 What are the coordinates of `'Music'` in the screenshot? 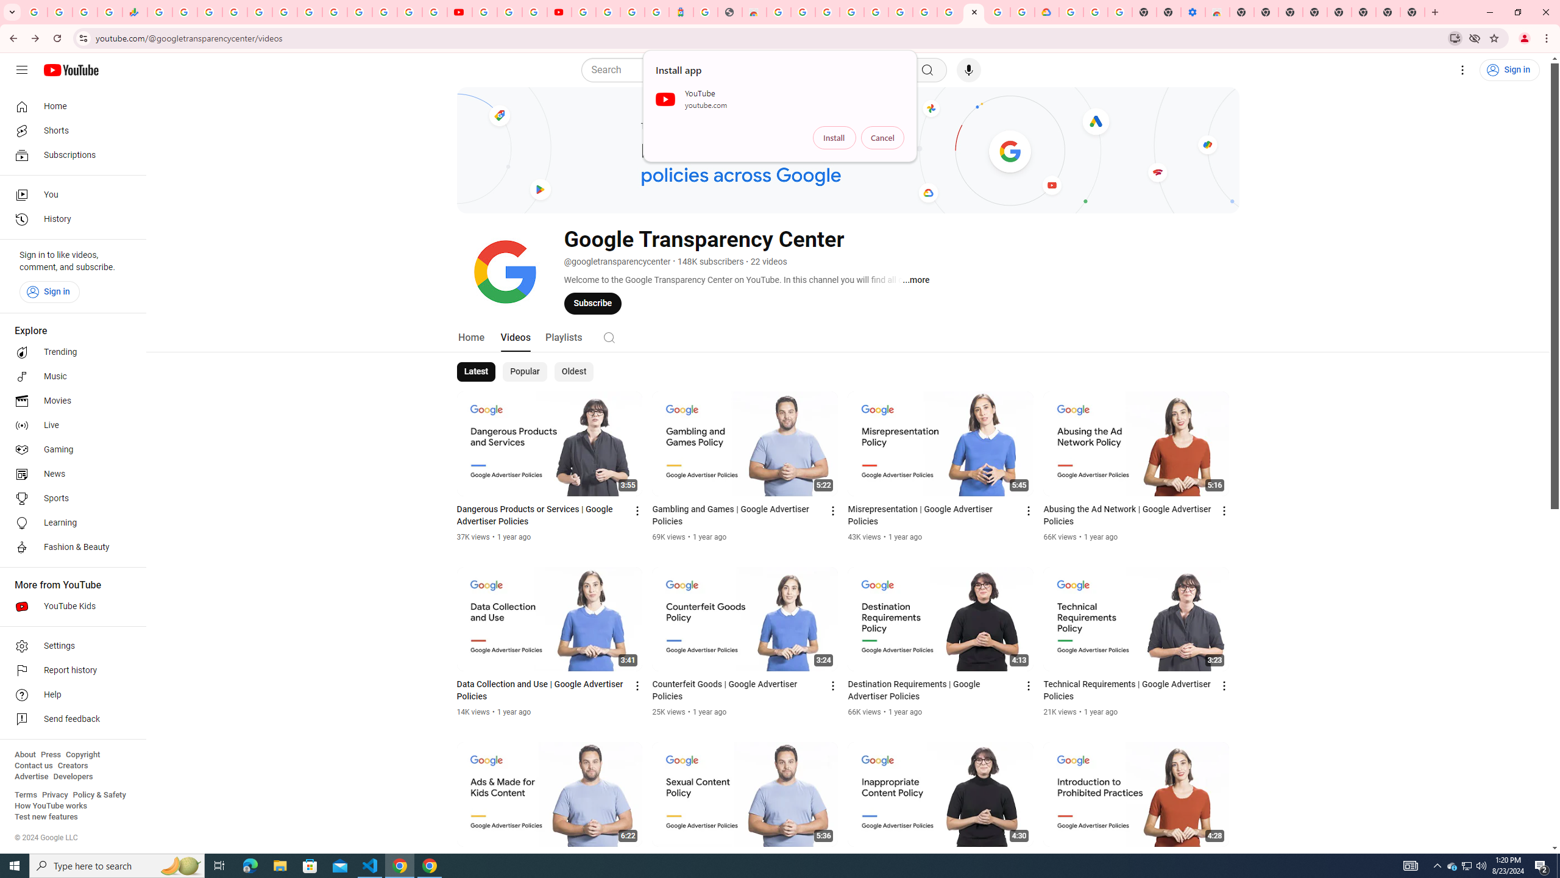 It's located at (69, 376).